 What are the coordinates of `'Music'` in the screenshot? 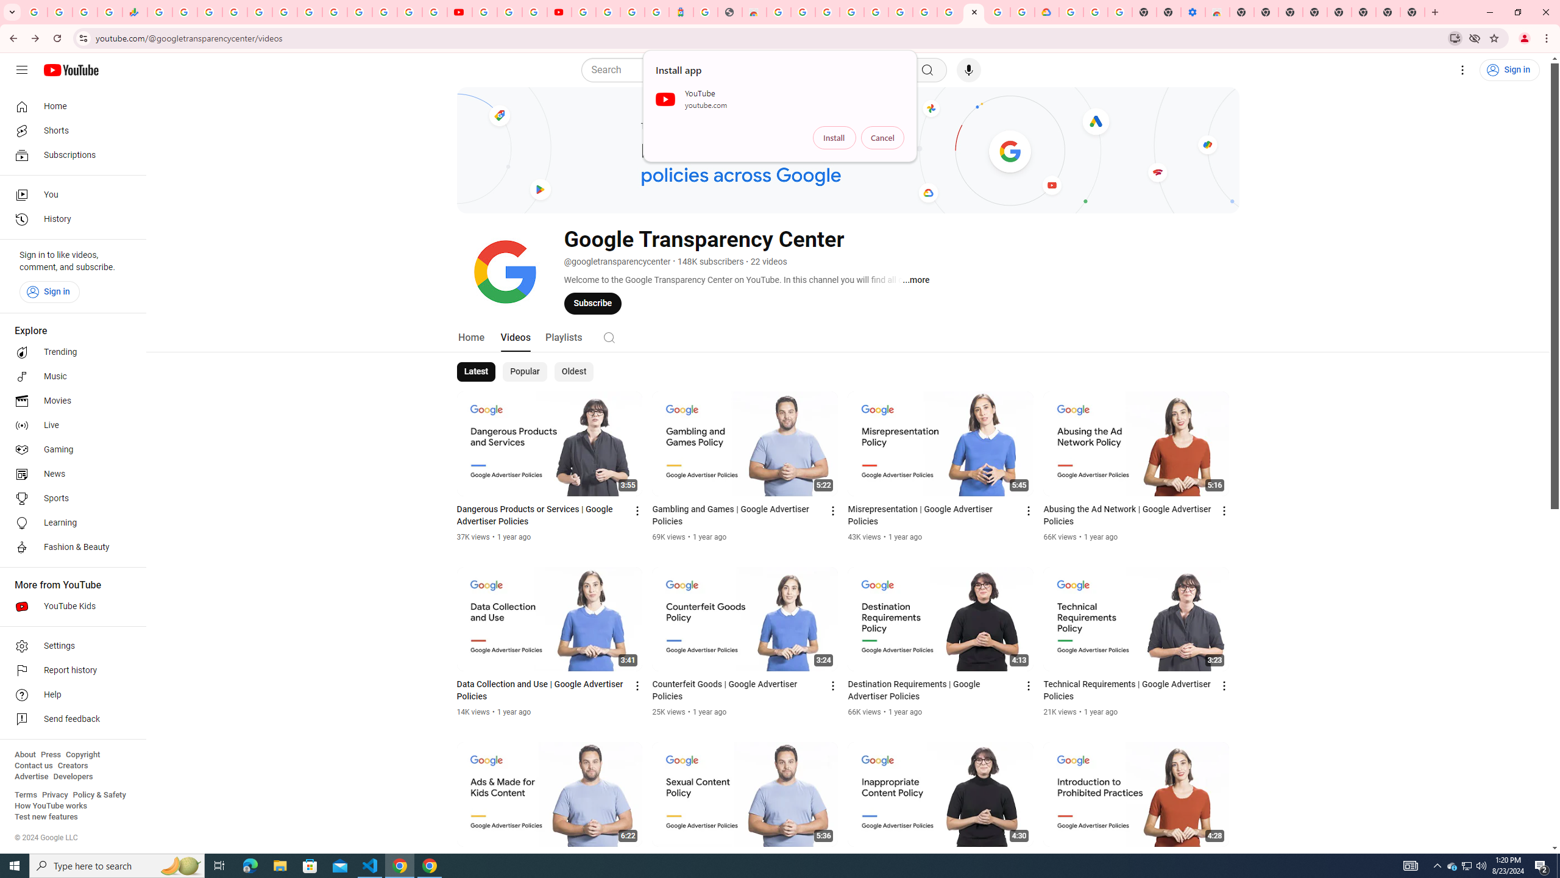 It's located at (69, 376).